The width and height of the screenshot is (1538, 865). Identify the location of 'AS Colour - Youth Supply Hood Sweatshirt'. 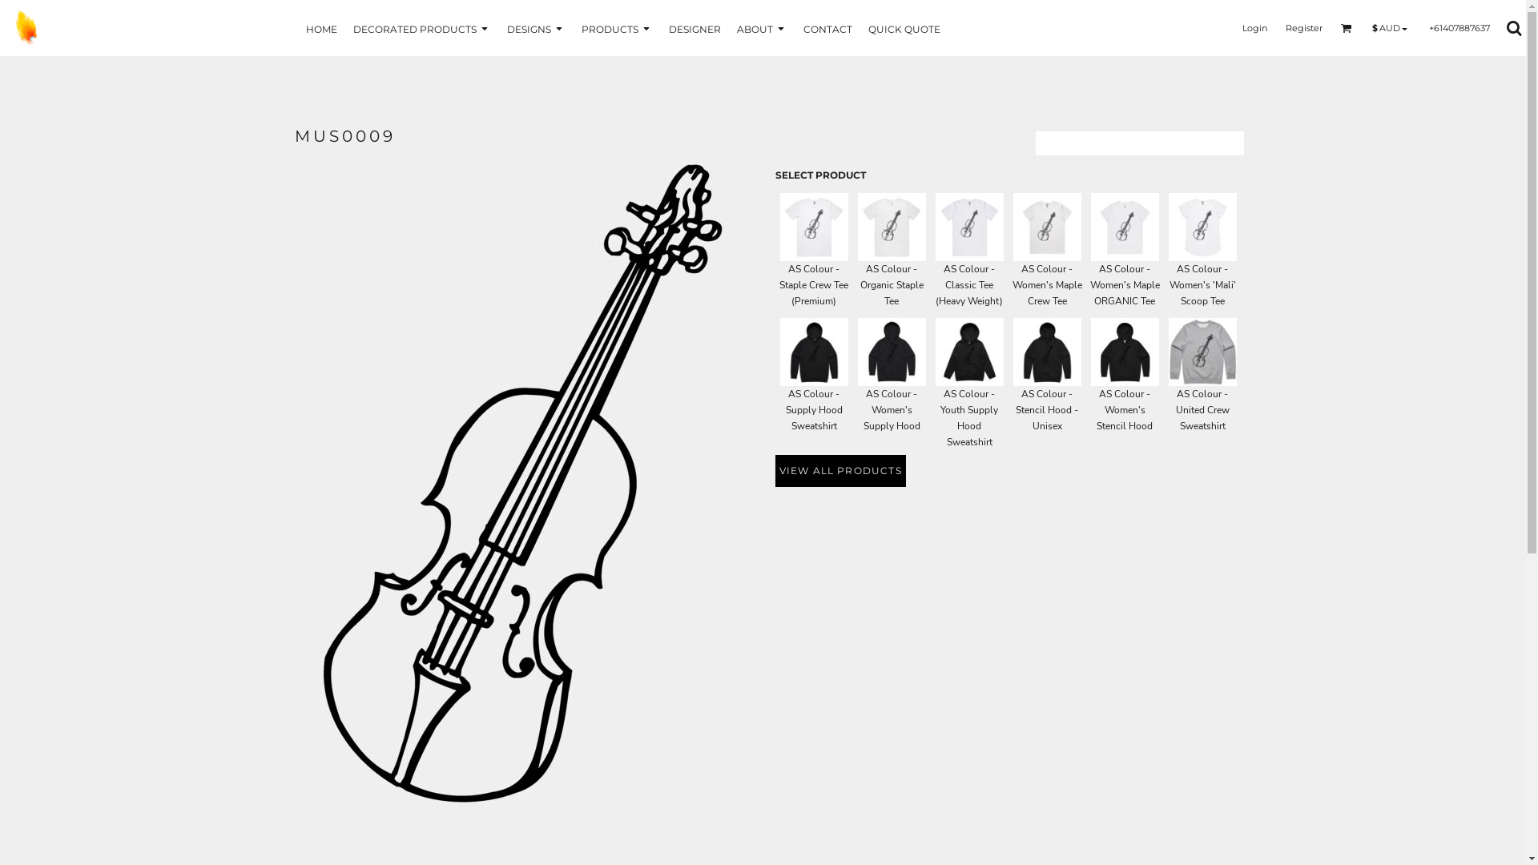
(968, 351).